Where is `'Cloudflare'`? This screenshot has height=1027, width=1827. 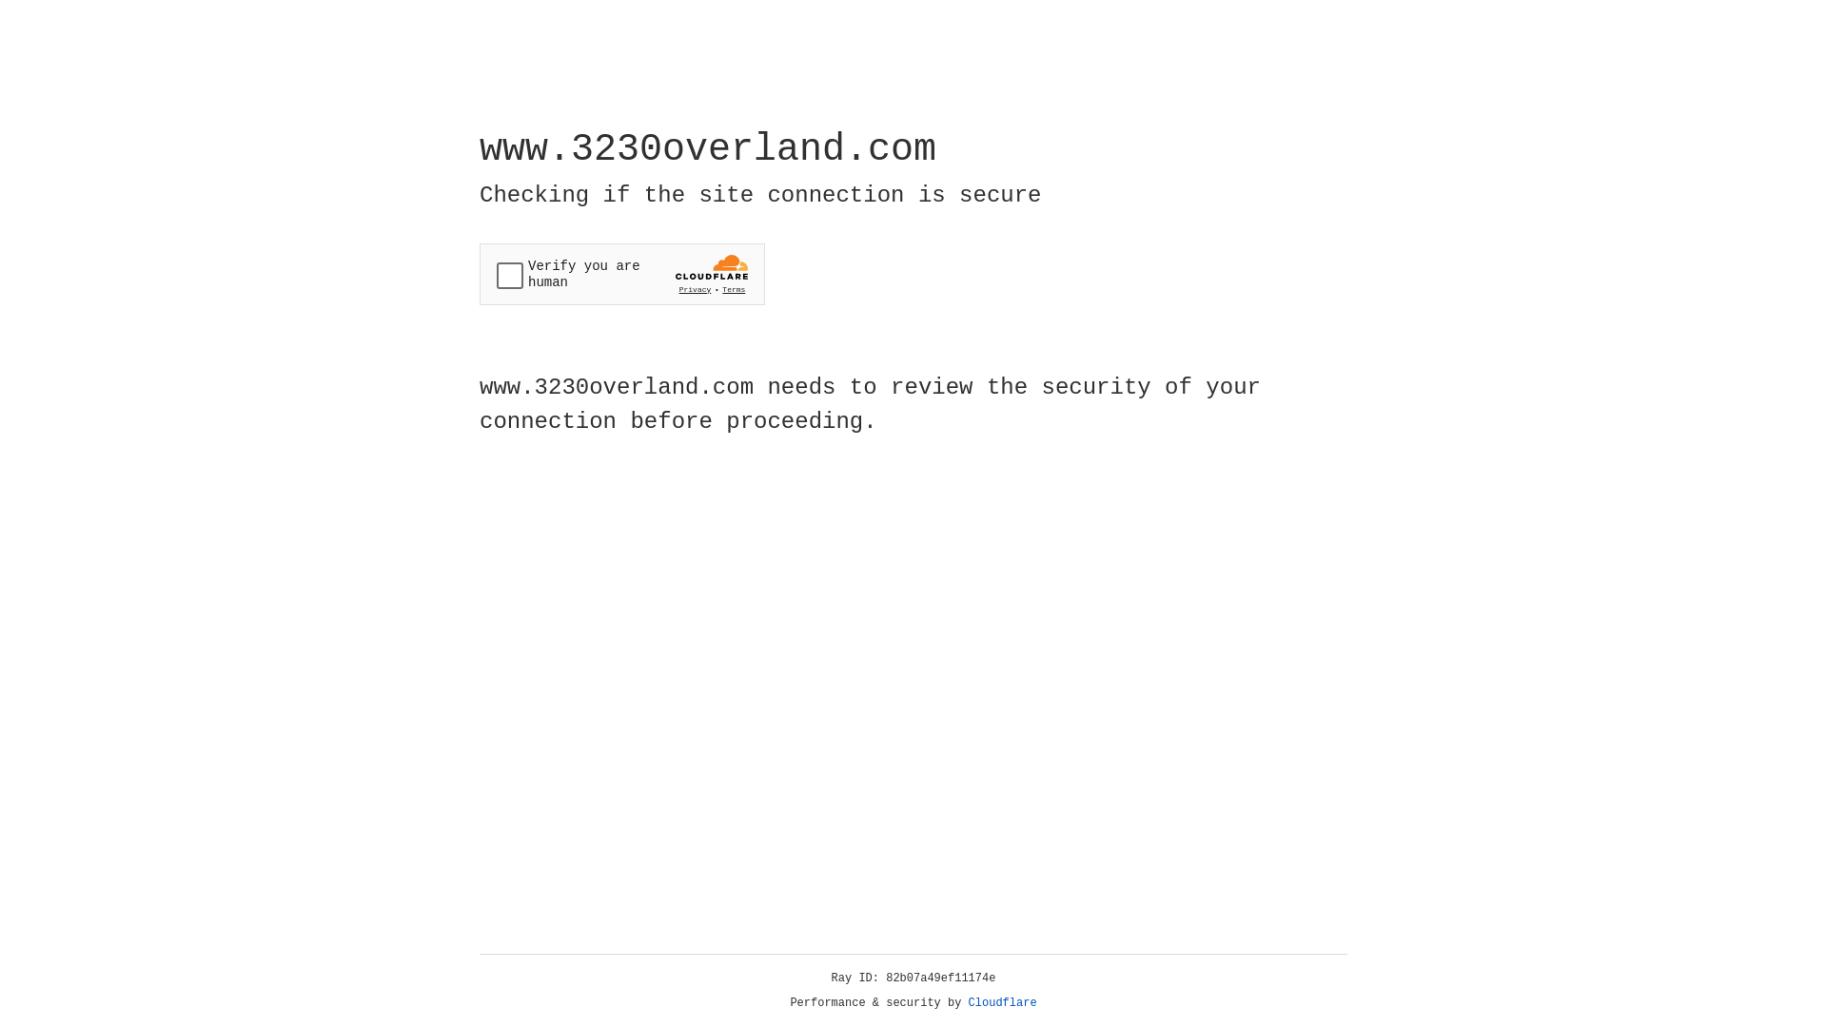
'Cloudflare' is located at coordinates (1002, 1002).